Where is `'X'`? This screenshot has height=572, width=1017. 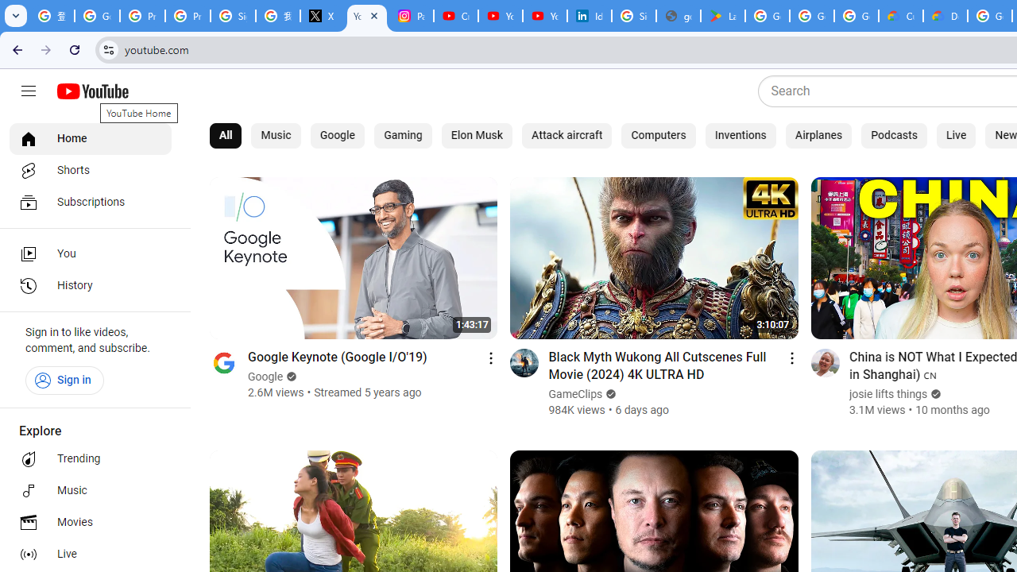
'X' is located at coordinates (321, 16).